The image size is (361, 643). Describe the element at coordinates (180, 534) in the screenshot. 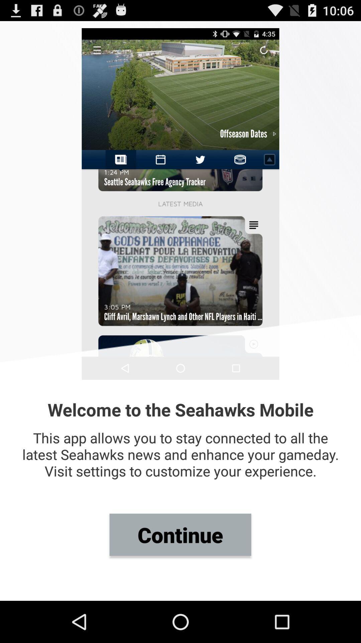

I see `the icon below this app allows item` at that location.